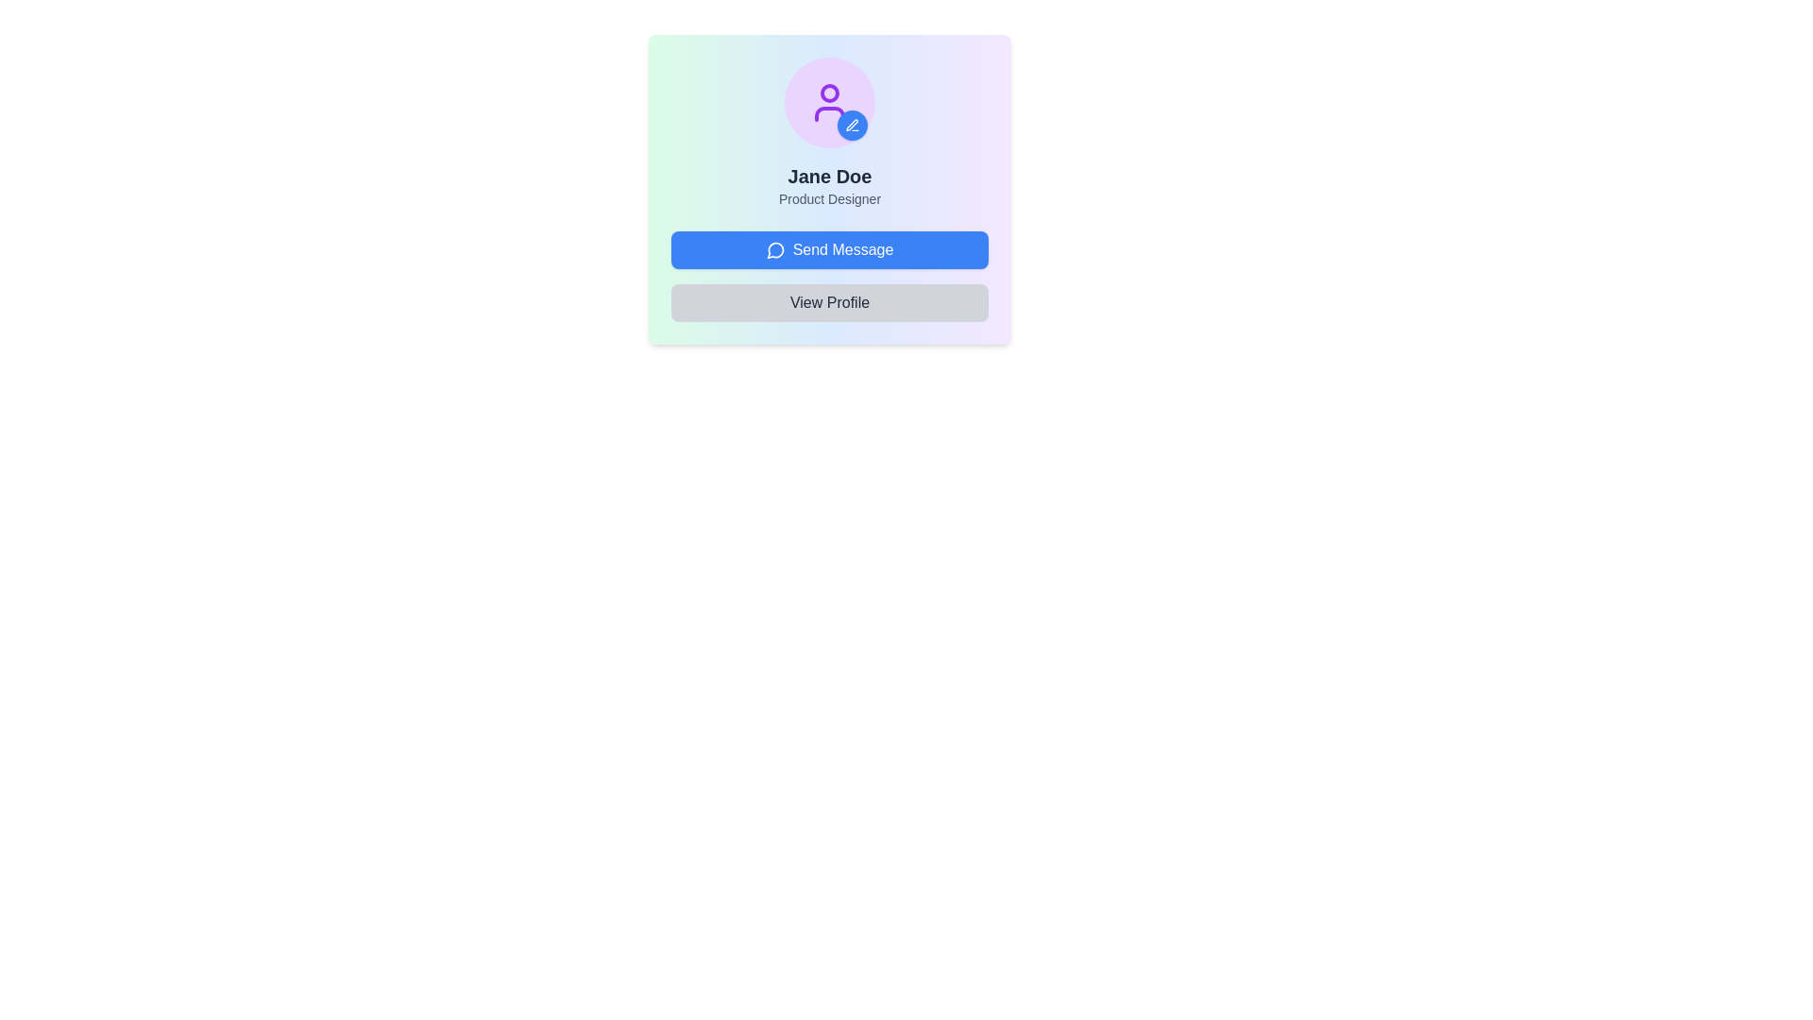 The image size is (1813, 1020). Describe the element at coordinates (829, 176) in the screenshot. I see `the user's name label located centrally within the profile card component, positioned below the avatar image and user icon` at that location.